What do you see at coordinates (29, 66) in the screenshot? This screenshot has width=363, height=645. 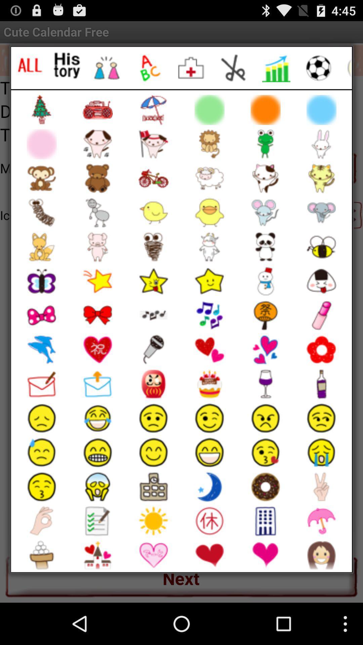 I see `see all` at bounding box center [29, 66].